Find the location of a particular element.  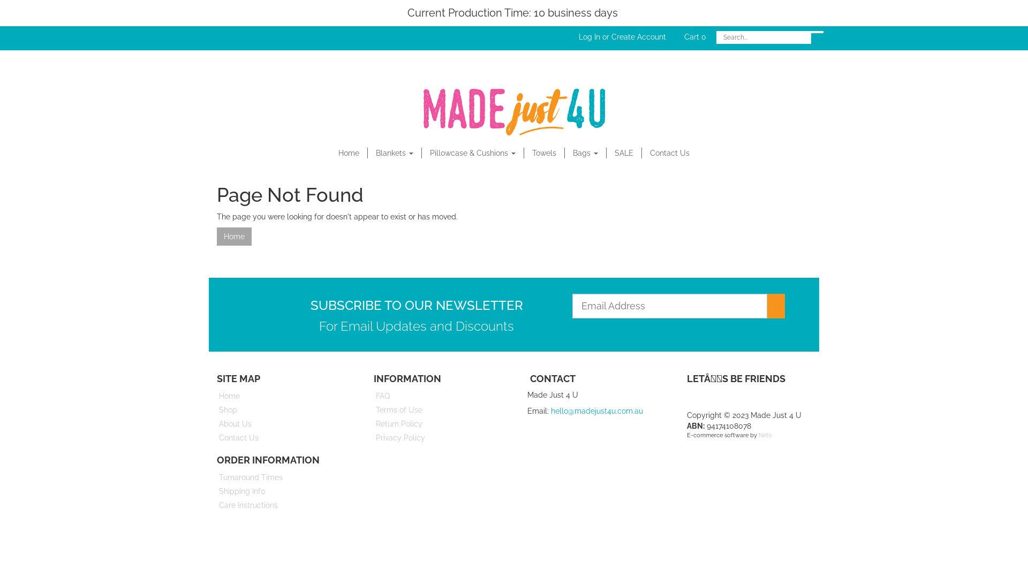

'submit' is located at coordinates (776, 306).